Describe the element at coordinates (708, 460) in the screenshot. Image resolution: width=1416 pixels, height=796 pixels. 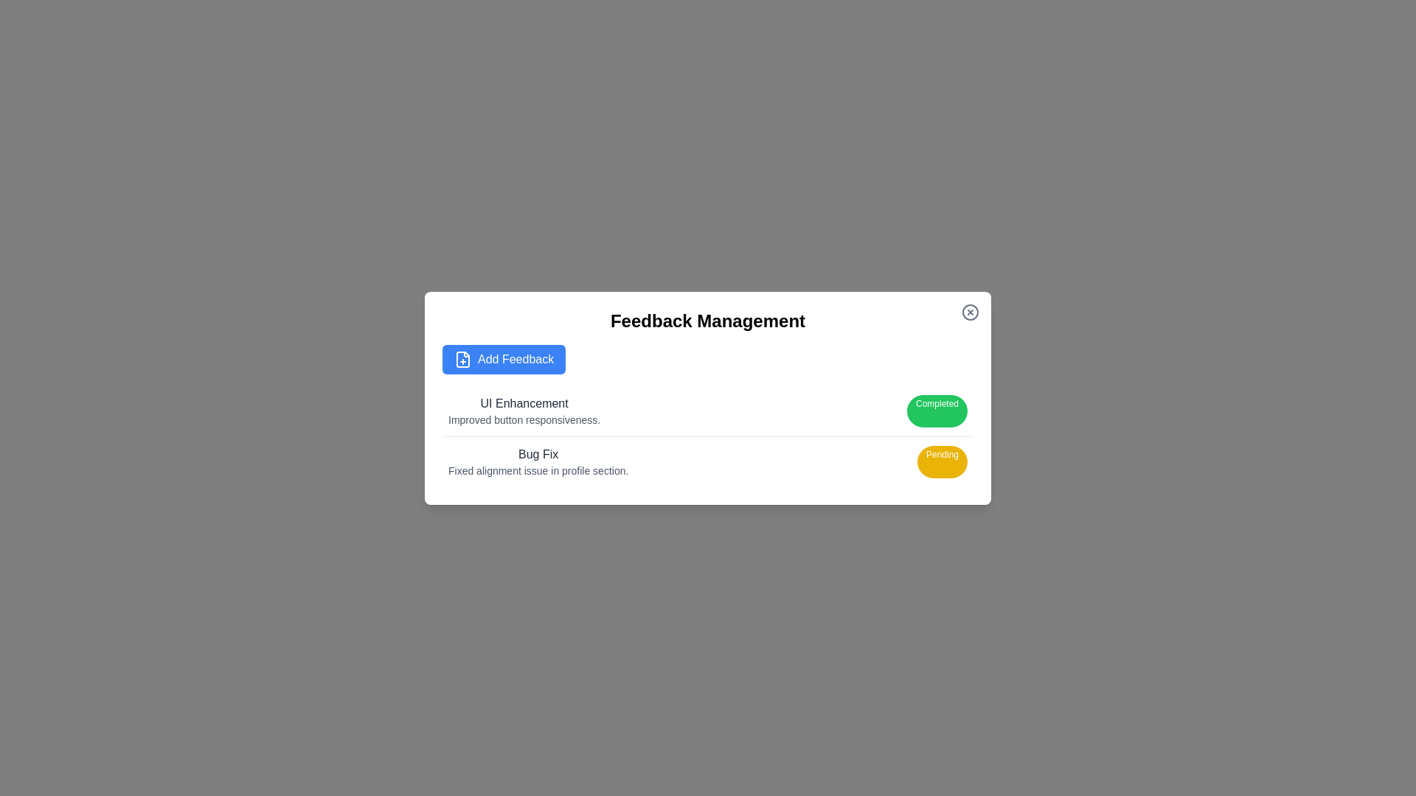
I see `the second entry` at that location.